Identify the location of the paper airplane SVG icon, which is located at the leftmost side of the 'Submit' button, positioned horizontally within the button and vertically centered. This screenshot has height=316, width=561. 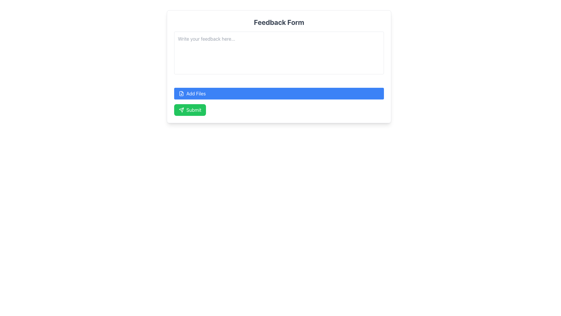
(181, 110).